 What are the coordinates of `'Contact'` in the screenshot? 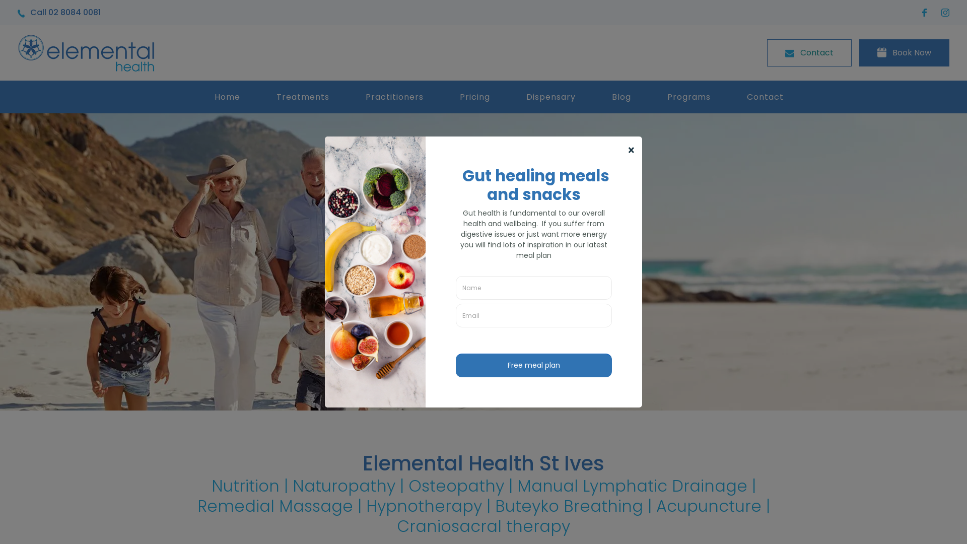 It's located at (765, 97).